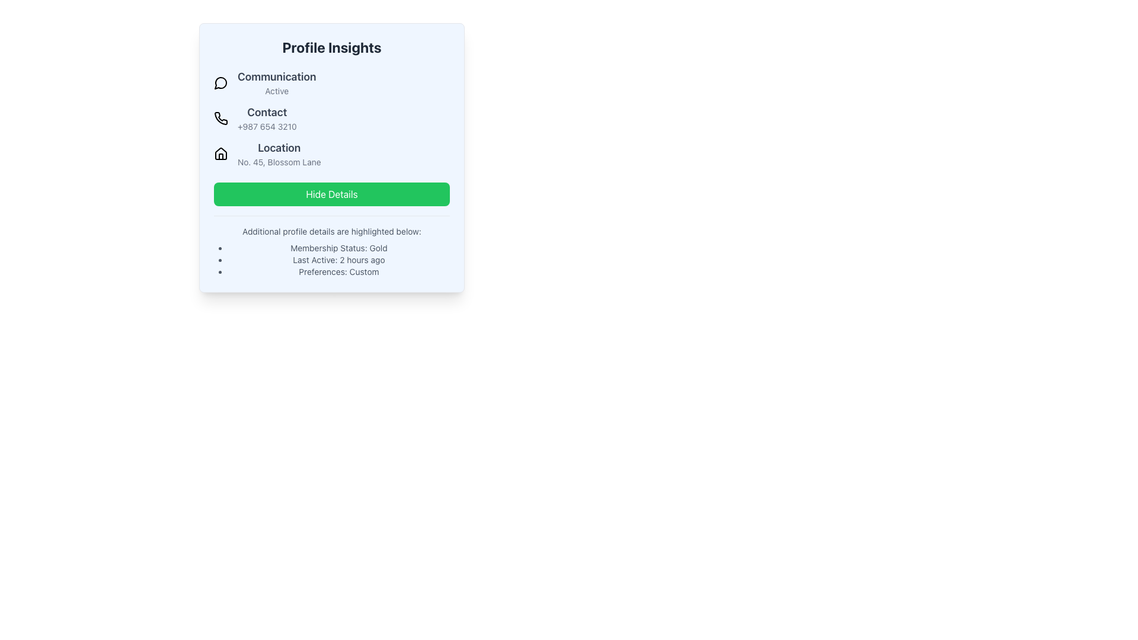 The width and height of the screenshot is (1138, 640). I want to click on the 'Profile Insights' text label, which is a bold and large font displayed at the top of a card-like layout with a light blue background, so click(332, 47).